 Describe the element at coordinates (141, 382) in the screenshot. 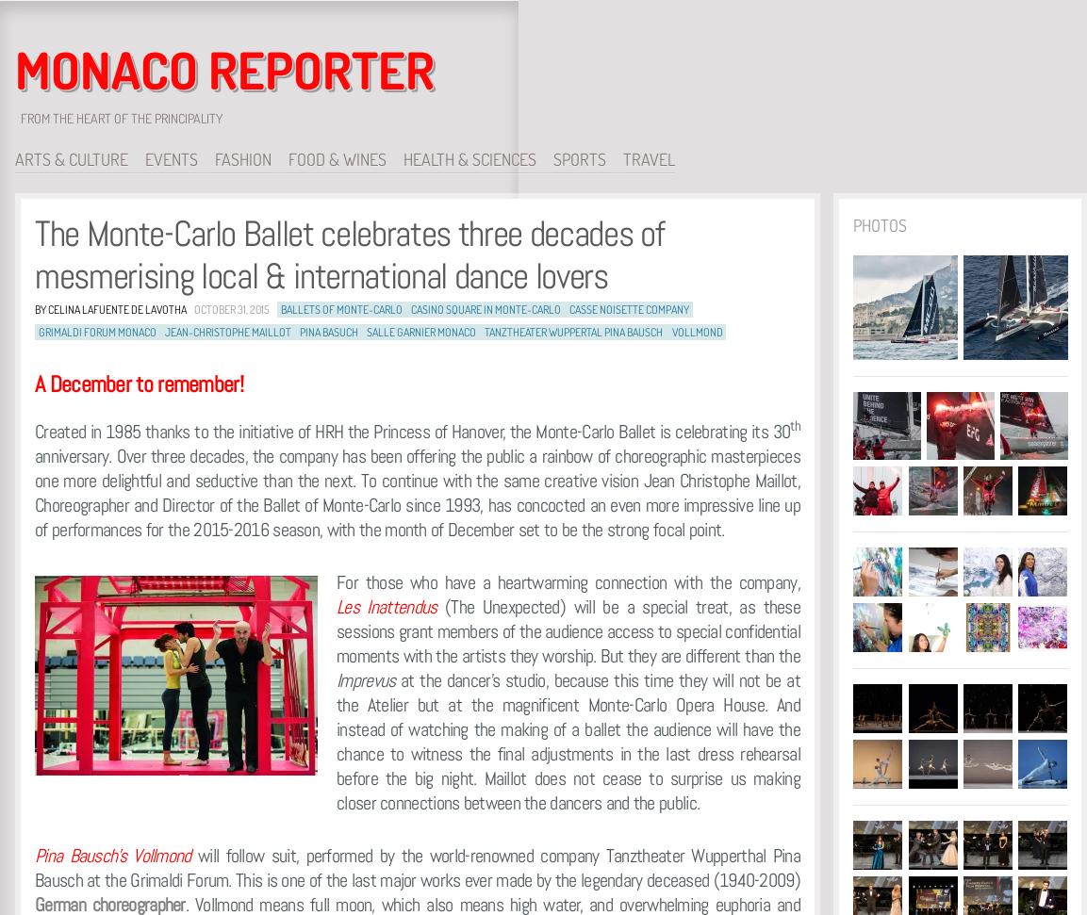

I see `'A December to remember!'` at that location.